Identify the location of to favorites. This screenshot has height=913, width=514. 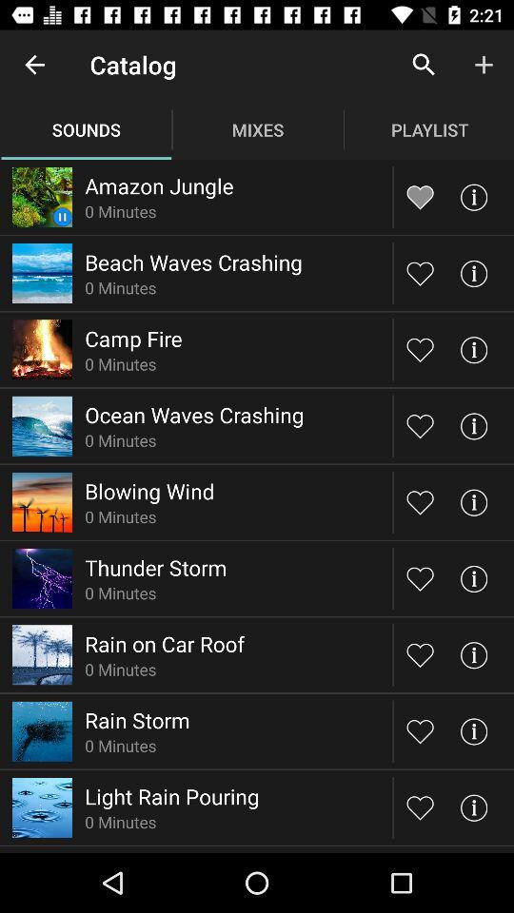
(420, 501).